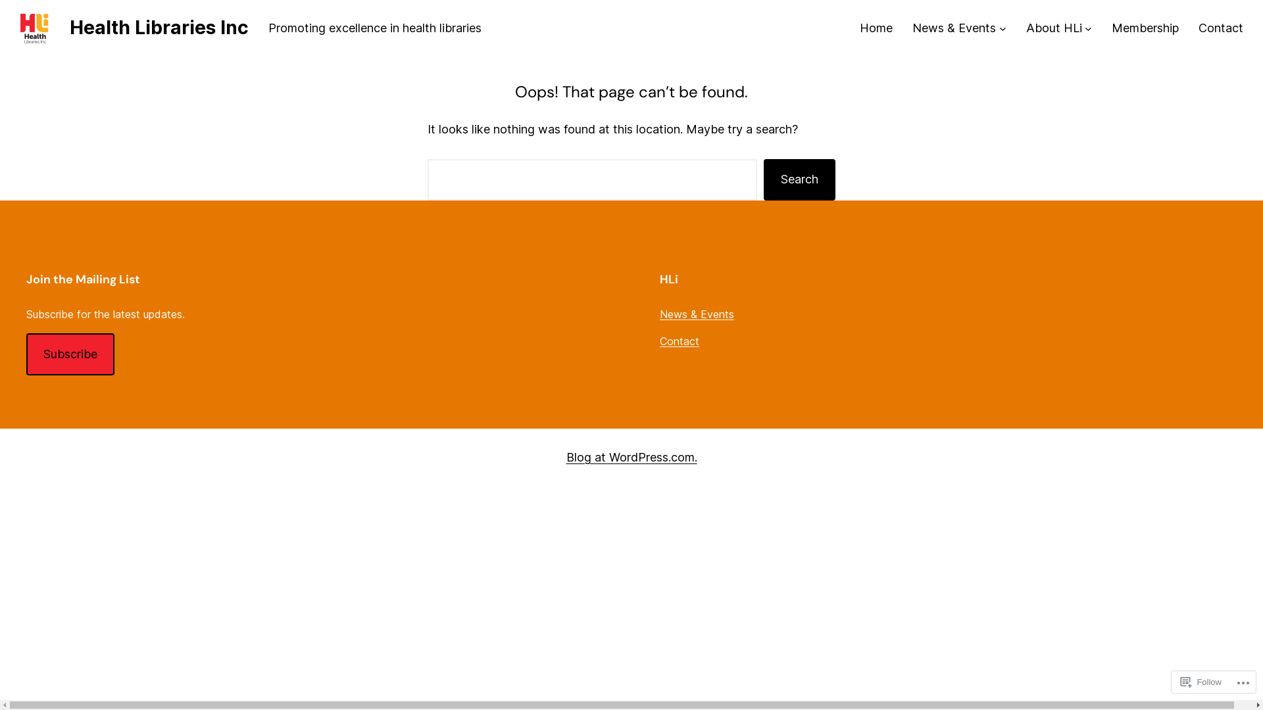 The width and height of the screenshot is (1263, 710). I want to click on 'Subscribe', so click(69, 354).